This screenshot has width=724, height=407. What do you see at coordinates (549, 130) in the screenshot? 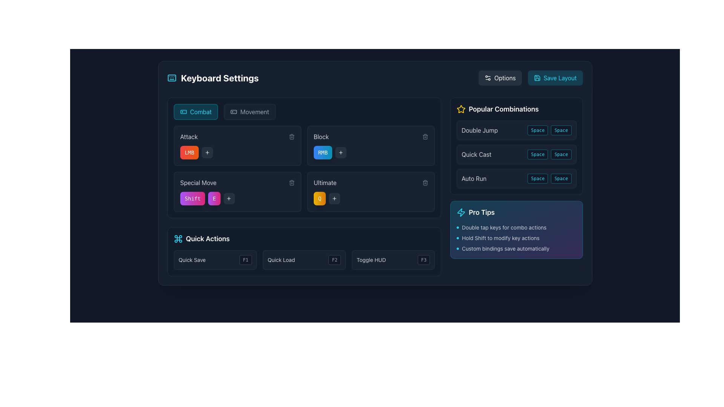
I see `the interactive button-like component for the Double Jump action, located in the 'Double Jump' row of the 'Popular Combinations' section, which is the second block next to the 'Double Jump' label` at bounding box center [549, 130].